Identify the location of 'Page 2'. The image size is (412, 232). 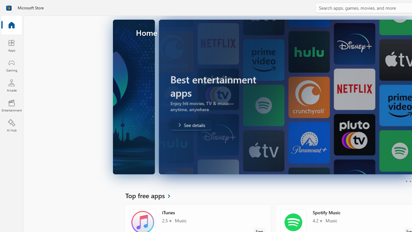
(410, 181).